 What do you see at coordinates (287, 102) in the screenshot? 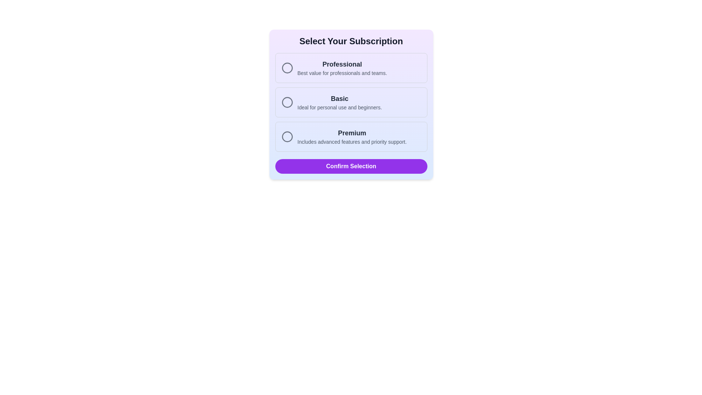
I see `the circular selectable indicator` at bounding box center [287, 102].